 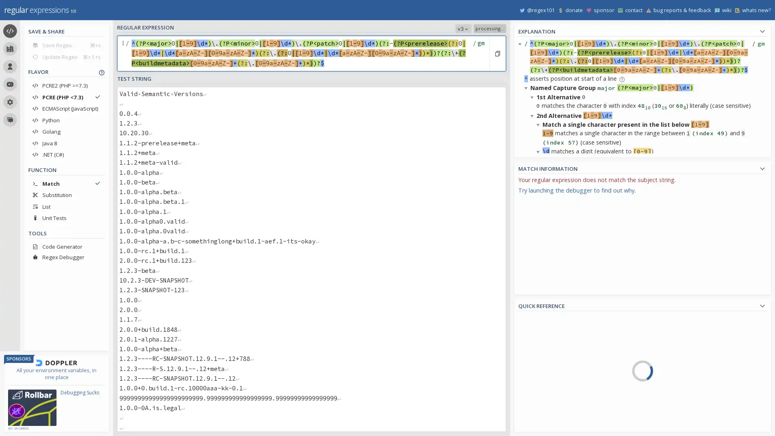 What do you see at coordinates (683, 377) in the screenshot?
I see `Any single character .` at bounding box center [683, 377].